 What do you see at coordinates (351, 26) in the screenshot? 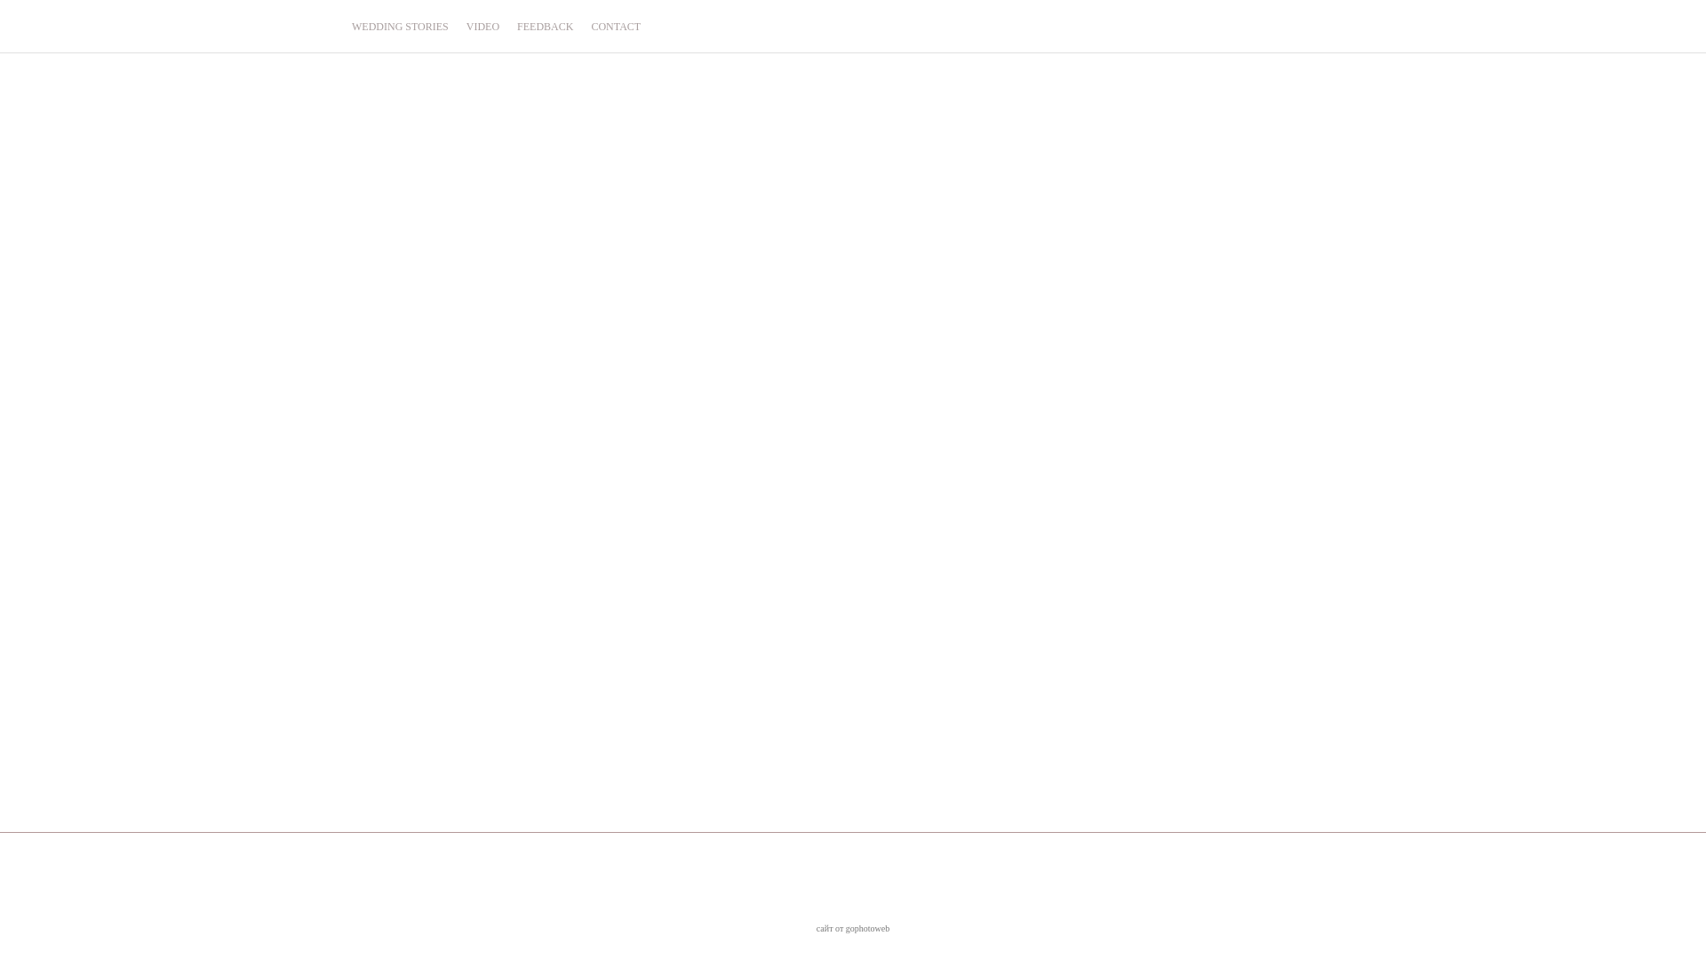
I see `'WEDDING STORIES'` at bounding box center [351, 26].